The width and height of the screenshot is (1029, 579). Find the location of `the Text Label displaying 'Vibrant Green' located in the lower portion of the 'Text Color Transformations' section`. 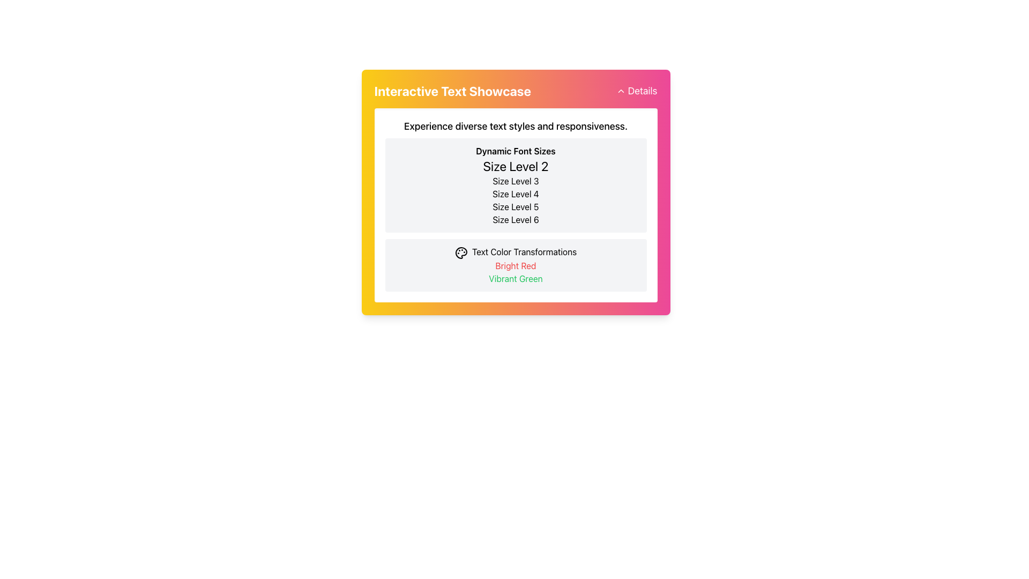

the Text Label displaying 'Vibrant Green' located in the lower portion of the 'Text Color Transformations' section is located at coordinates (516, 278).